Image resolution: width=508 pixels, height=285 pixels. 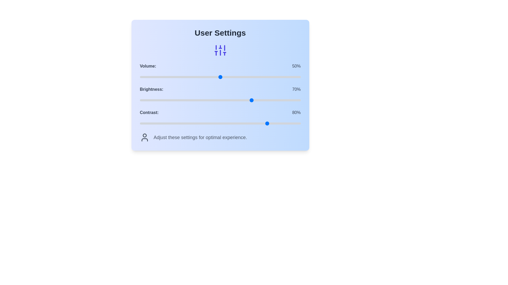 What do you see at coordinates (239, 100) in the screenshot?
I see `brightness` at bounding box center [239, 100].